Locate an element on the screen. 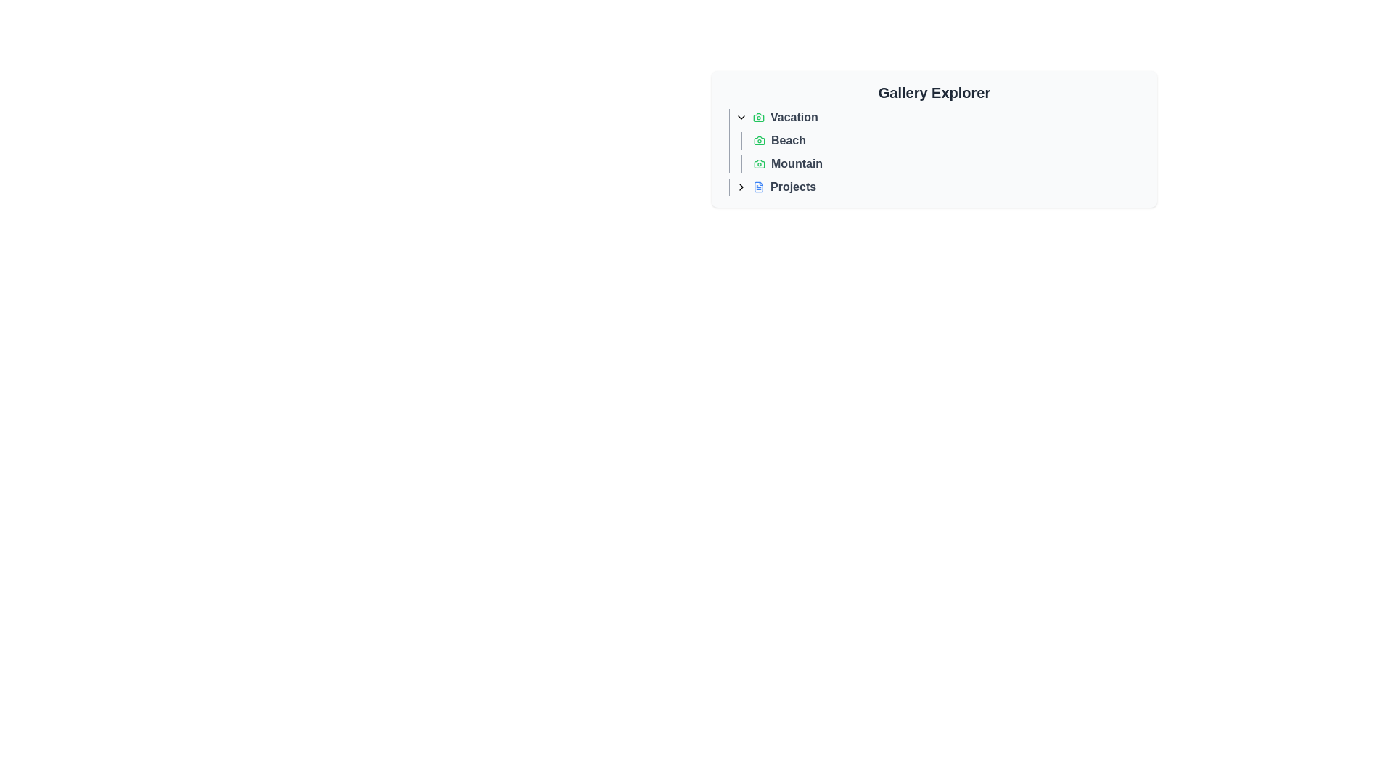 This screenshot has height=784, width=1393. the right-pointing chevron icon located to the left of the text labeled 'Projects' to observe potential tooltip or cursor changes is located at coordinates (741, 187).